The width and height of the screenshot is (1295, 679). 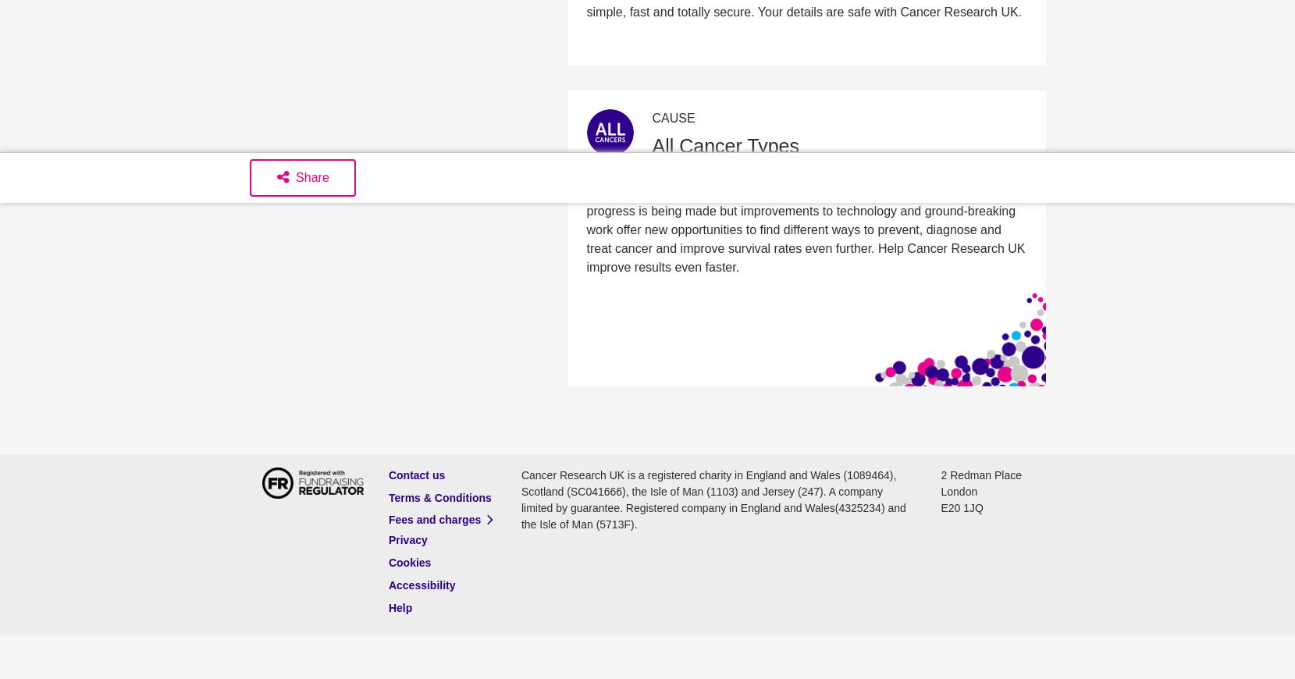 What do you see at coordinates (415, 475) in the screenshot?
I see `'Contact us'` at bounding box center [415, 475].